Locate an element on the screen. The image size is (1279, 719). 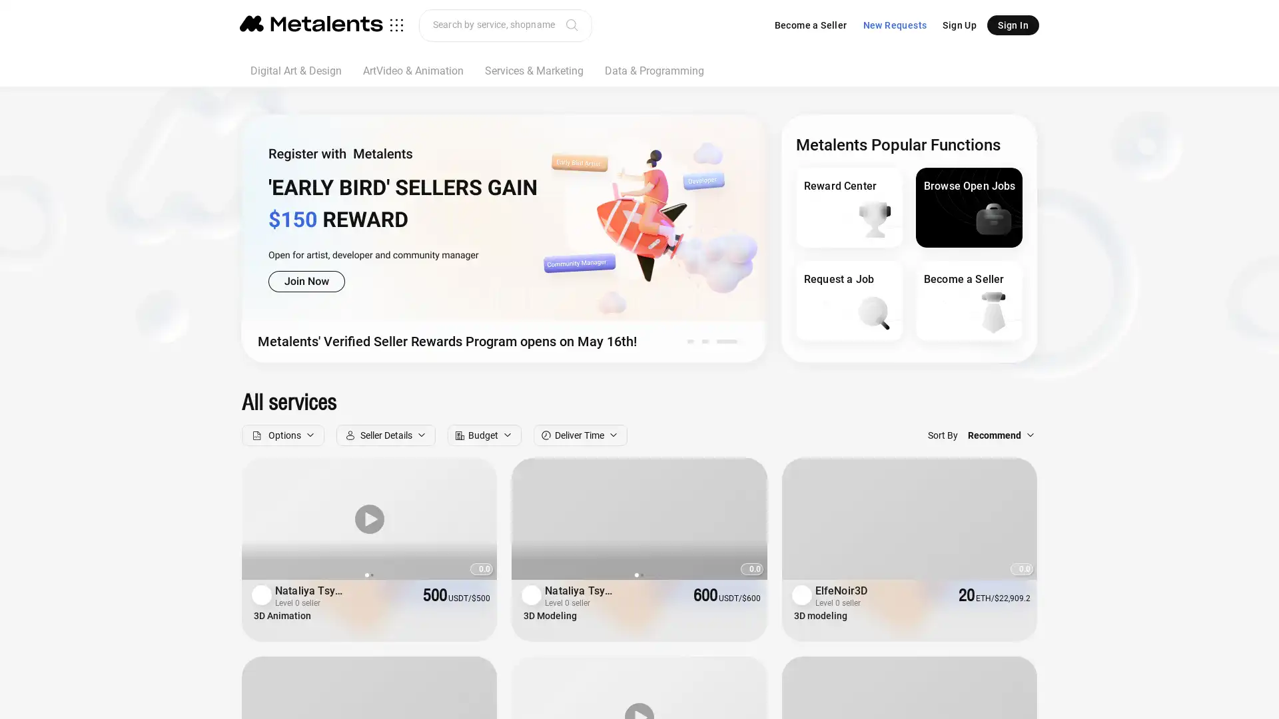
New Requests is located at coordinates (895, 25).